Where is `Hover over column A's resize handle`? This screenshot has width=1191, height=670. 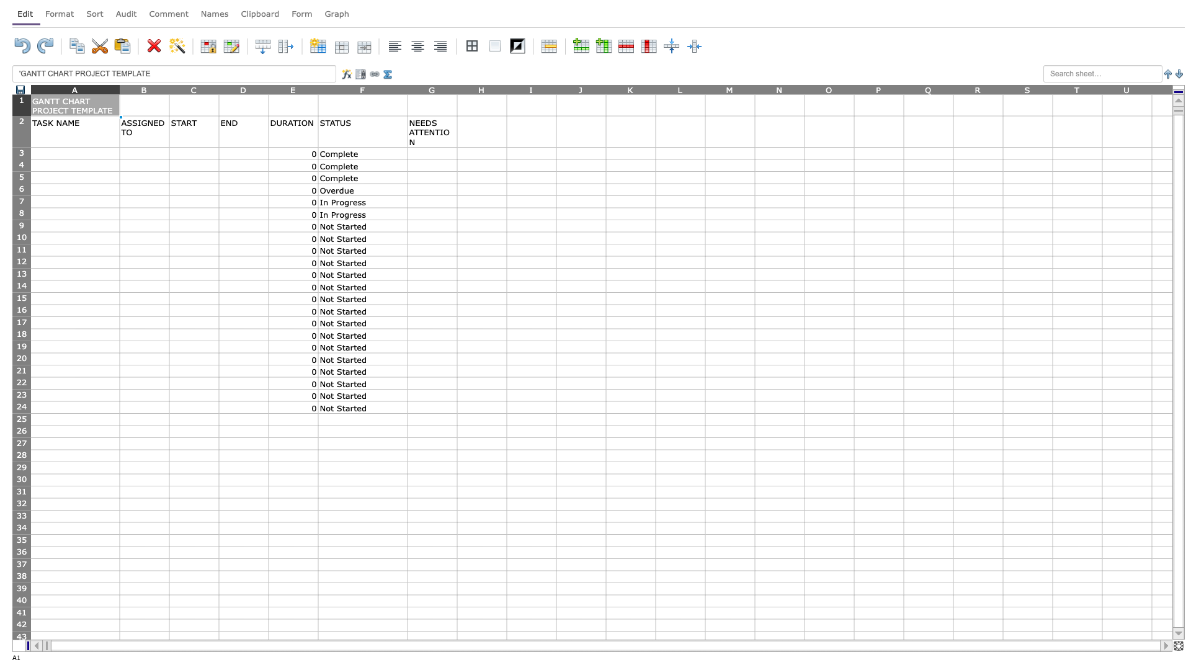
Hover over column A's resize handle is located at coordinates (119, 89).